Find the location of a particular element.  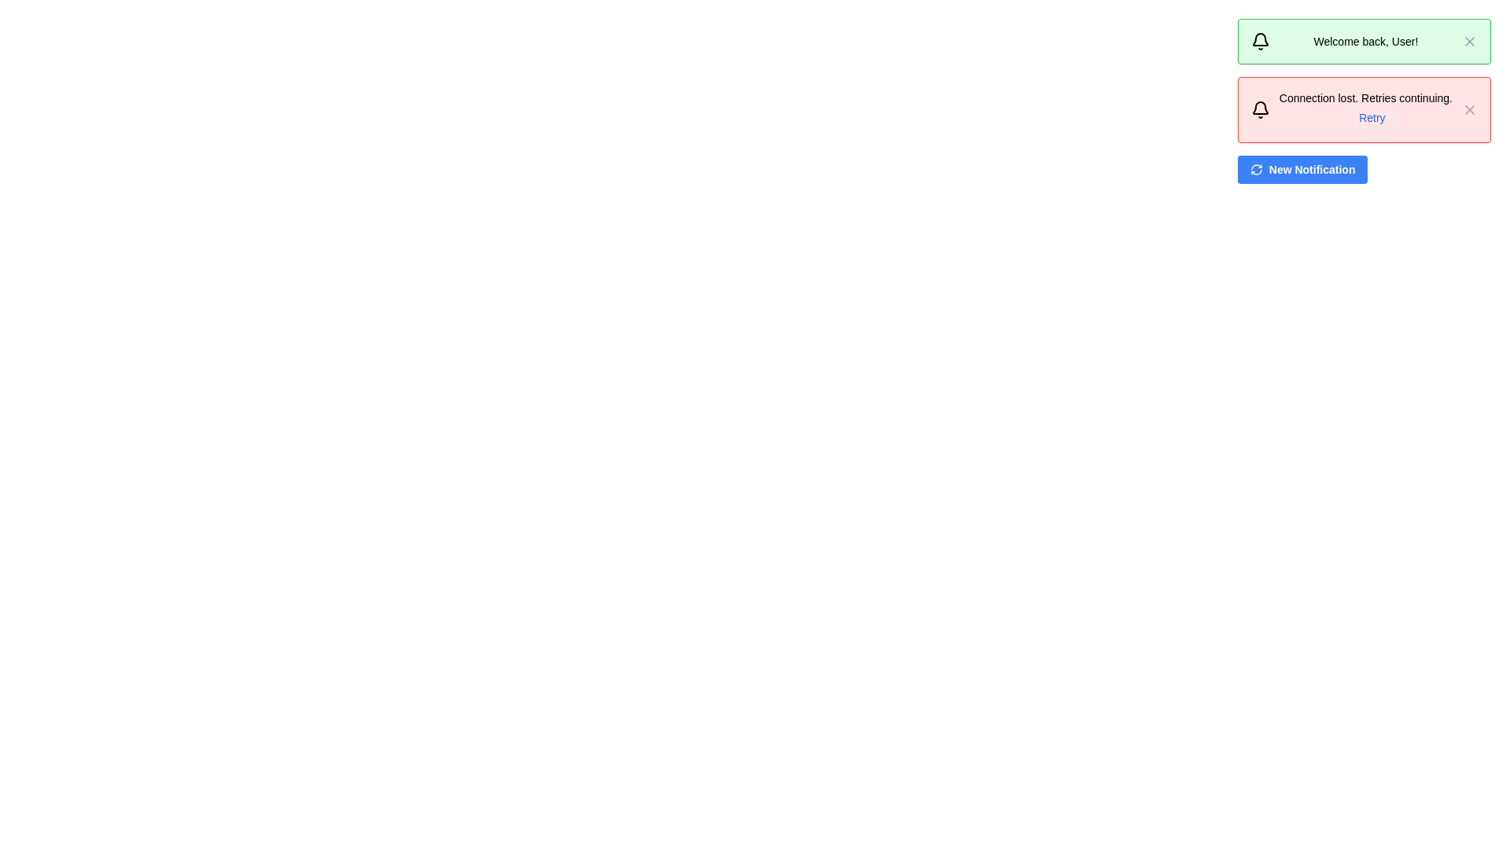

the bell icon located at the top-left corner of the green-bordered box that contains the text 'Welcome back, User!' is located at coordinates (1260, 41).